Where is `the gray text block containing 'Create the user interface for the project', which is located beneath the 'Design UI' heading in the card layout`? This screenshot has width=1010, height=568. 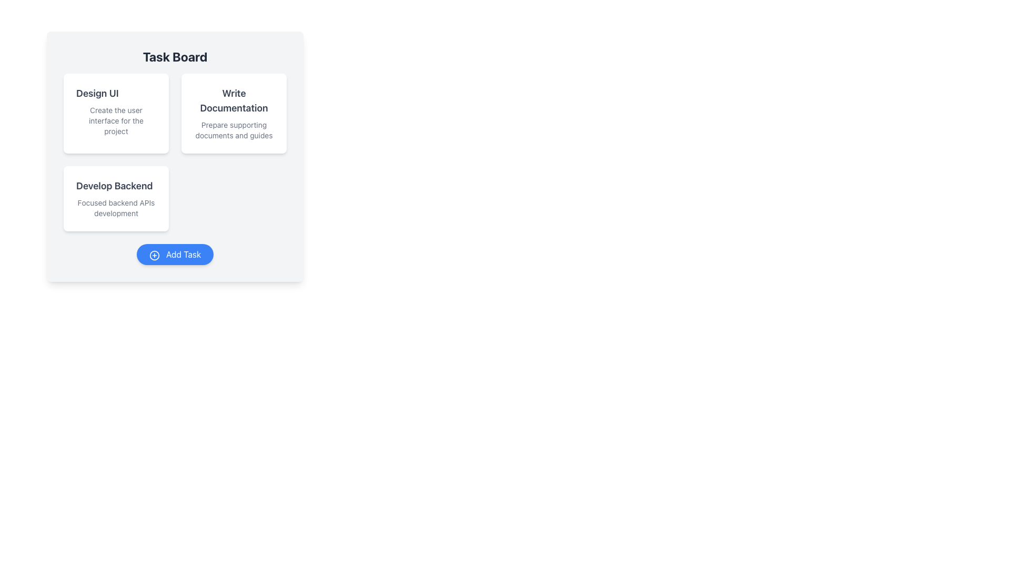
the gray text block containing 'Create the user interface for the project', which is located beneath the 'Design UI' heading in the card layout is located at coordinates (116, 120).